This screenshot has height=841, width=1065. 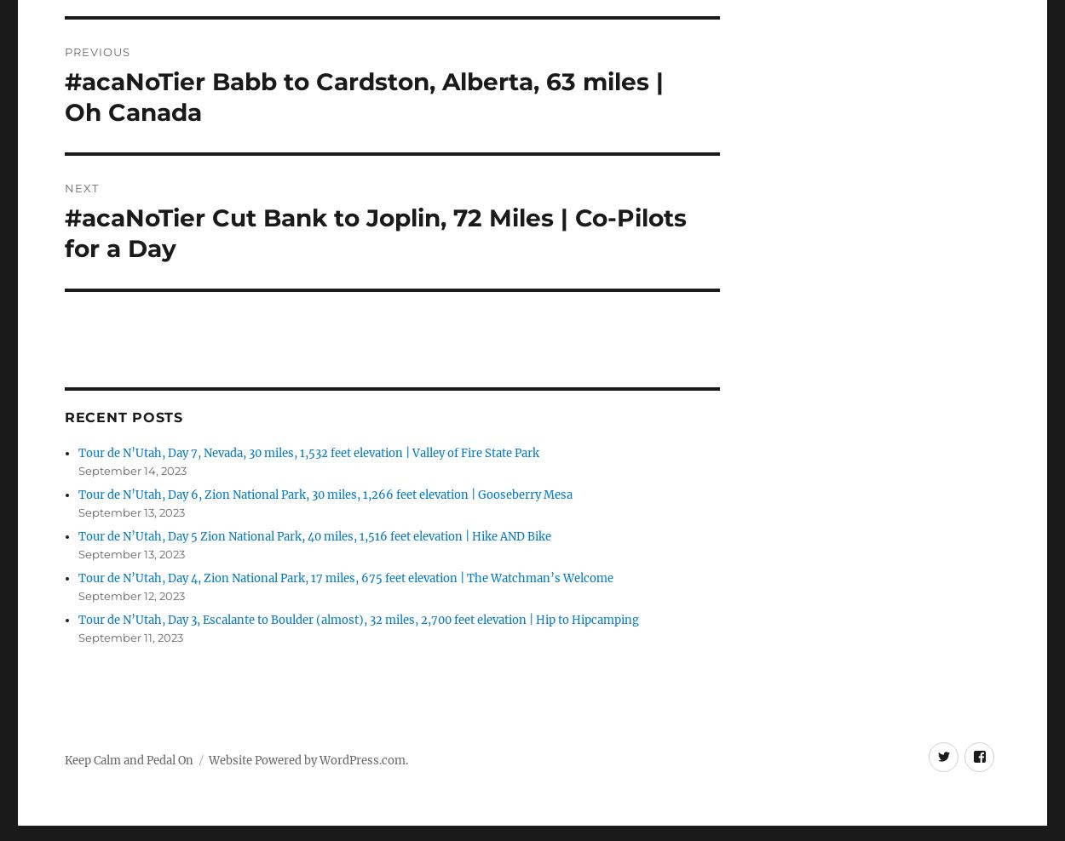 I want to click on 'September 12, 2023', so click(x=131, y=595).